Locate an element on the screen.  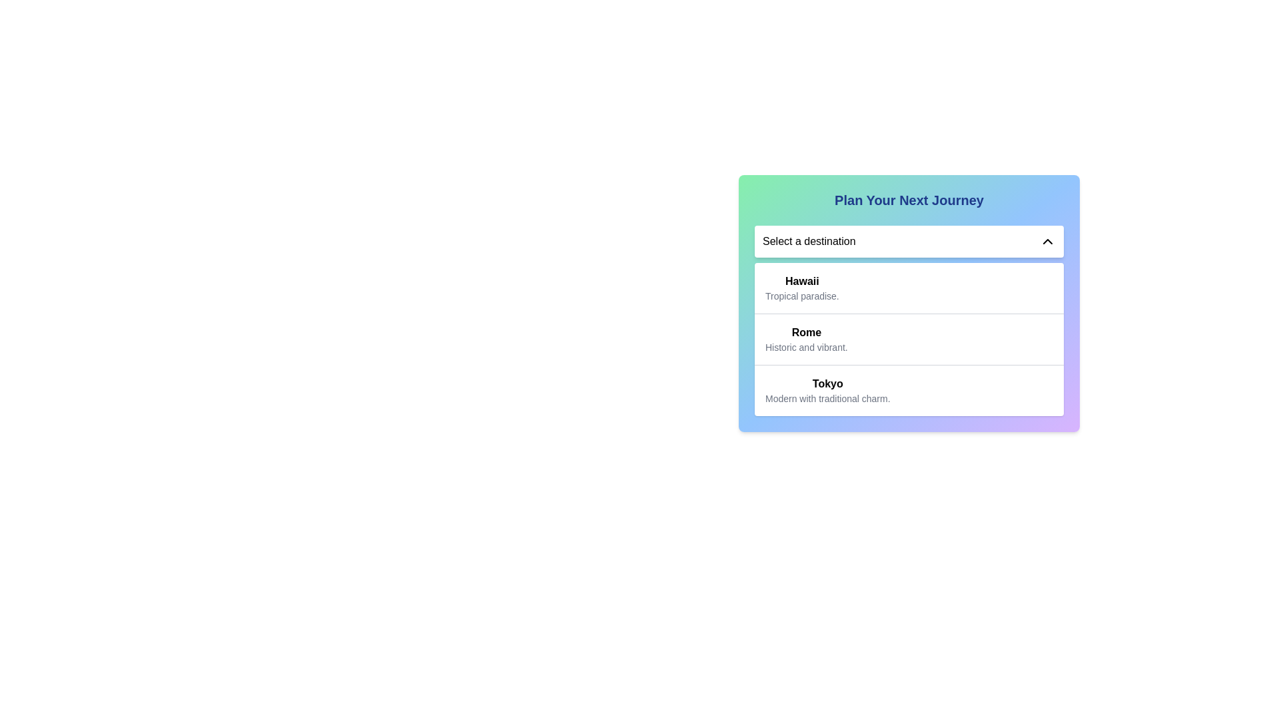
the second list item in the drop-down menu is located at coordinates (908, 338).